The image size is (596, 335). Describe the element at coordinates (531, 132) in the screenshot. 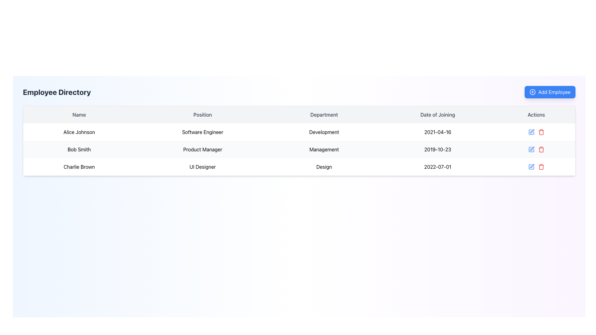

I see `the edit icon button located in the 'Actions' column of the first row in the table, which allows users to modify details related to the corresponding entry` at that location.